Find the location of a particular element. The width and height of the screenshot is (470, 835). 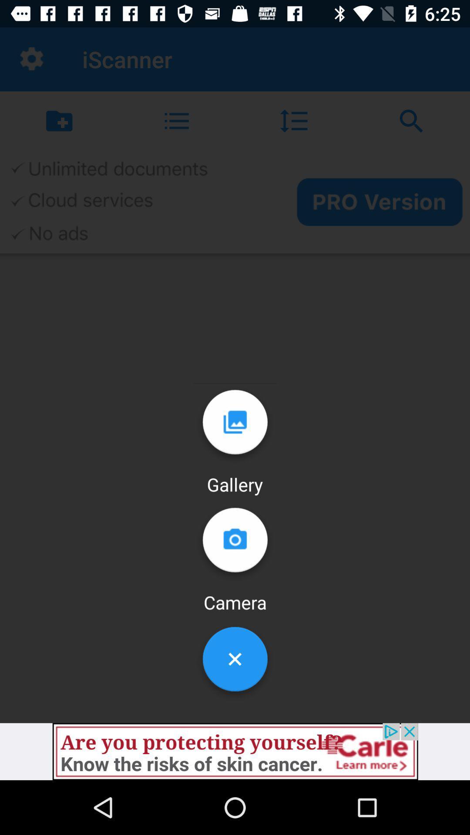

the swap icon is located at coordinates (411, 120).